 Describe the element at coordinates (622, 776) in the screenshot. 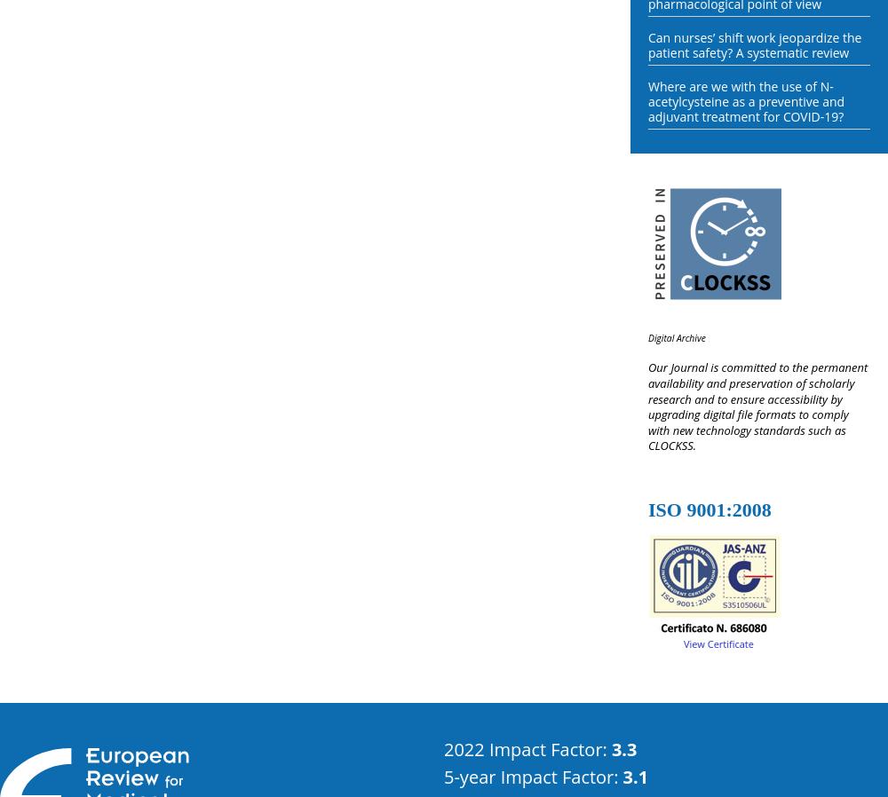

I see `'3.1'` at that location.